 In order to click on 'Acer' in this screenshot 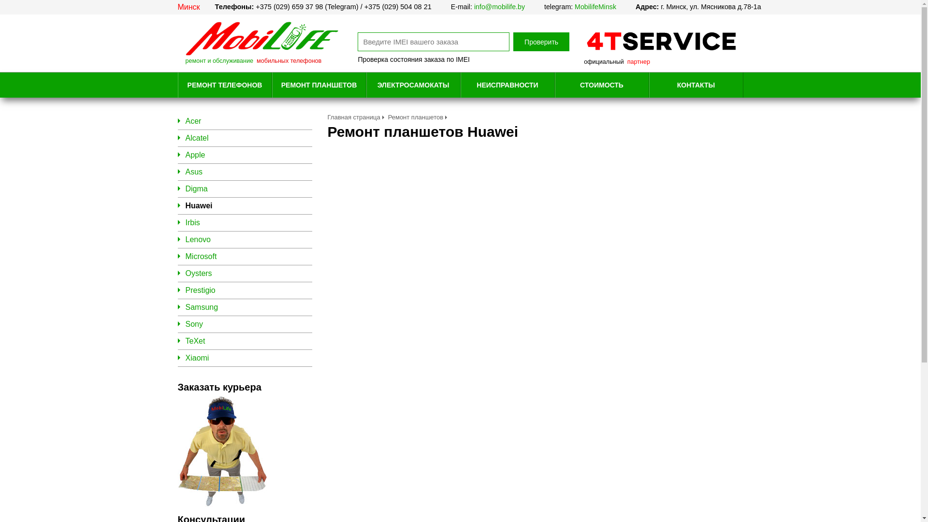, I will do `click(193, 120)`.